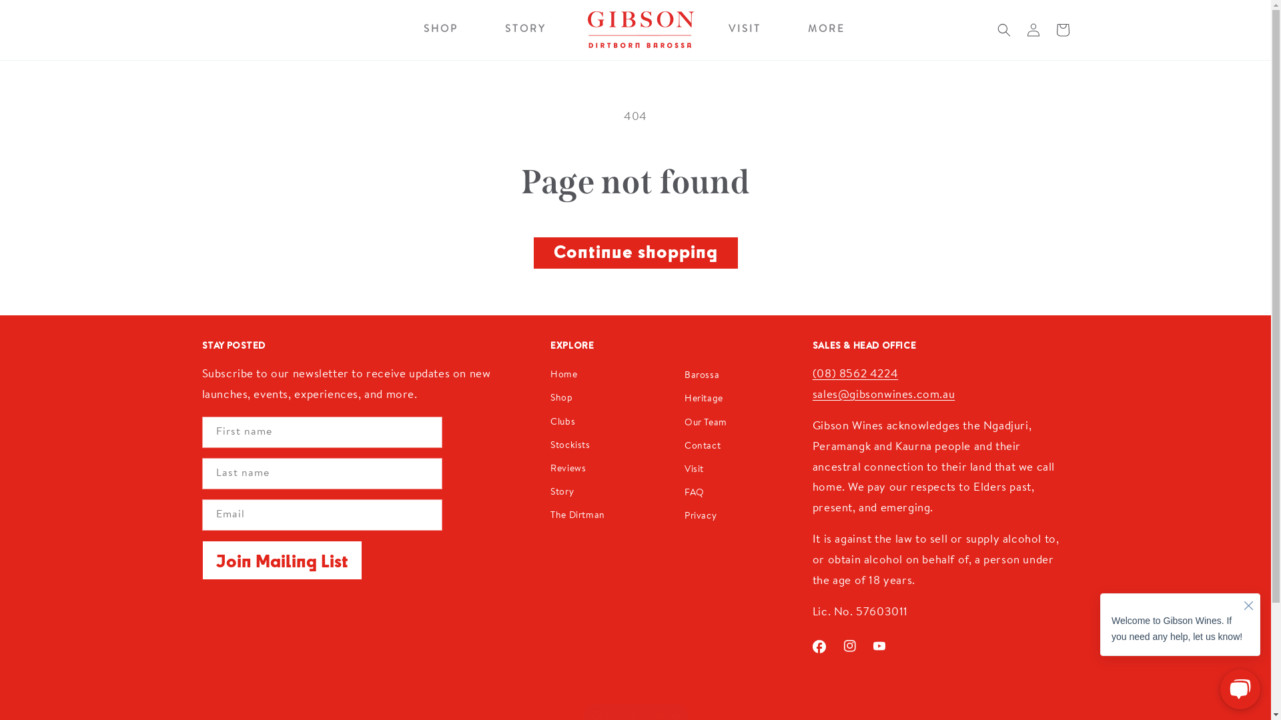 This screenshot has width=1281, height=720. What do you see at coordinates (1061, 30) in the screenshot?
I see `'Cart'` at bounding box center [1061, 30].